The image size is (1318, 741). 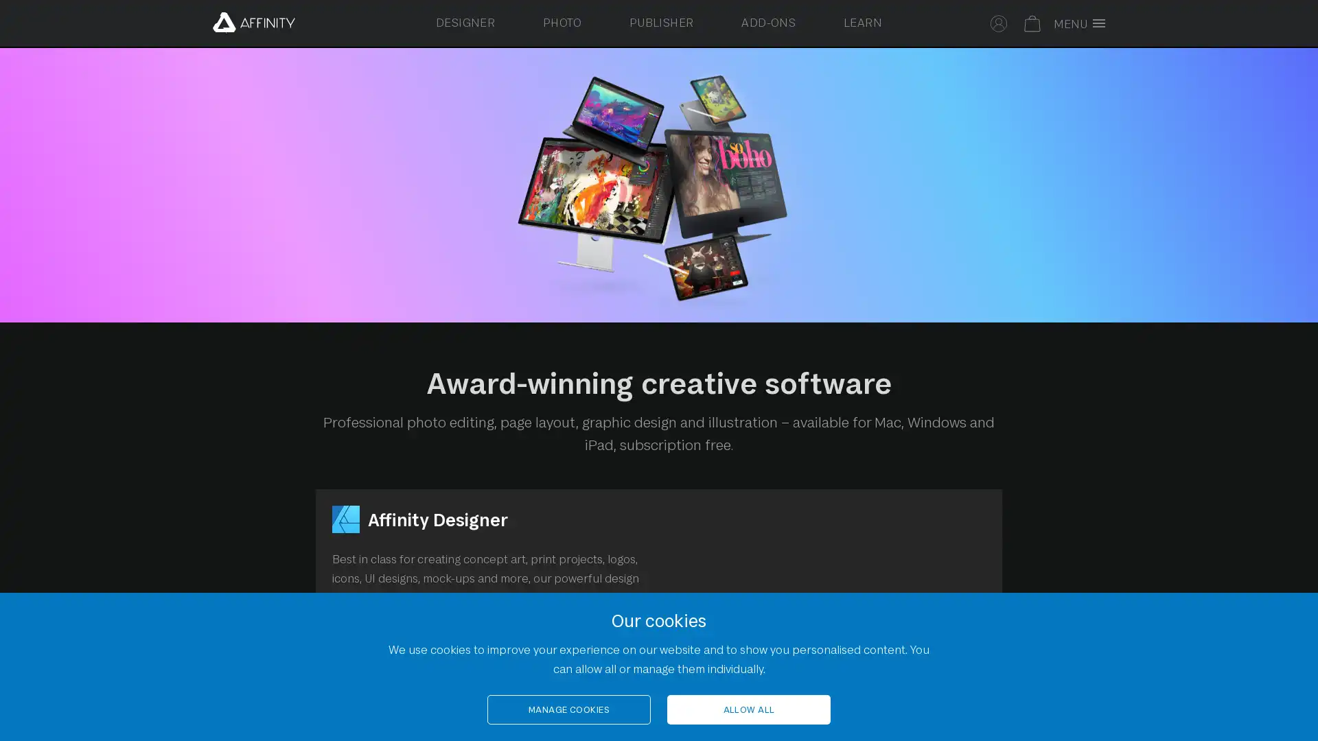 I want to click on Your basket is empty. Select to toggle basket., so click(x=1032, y=21).